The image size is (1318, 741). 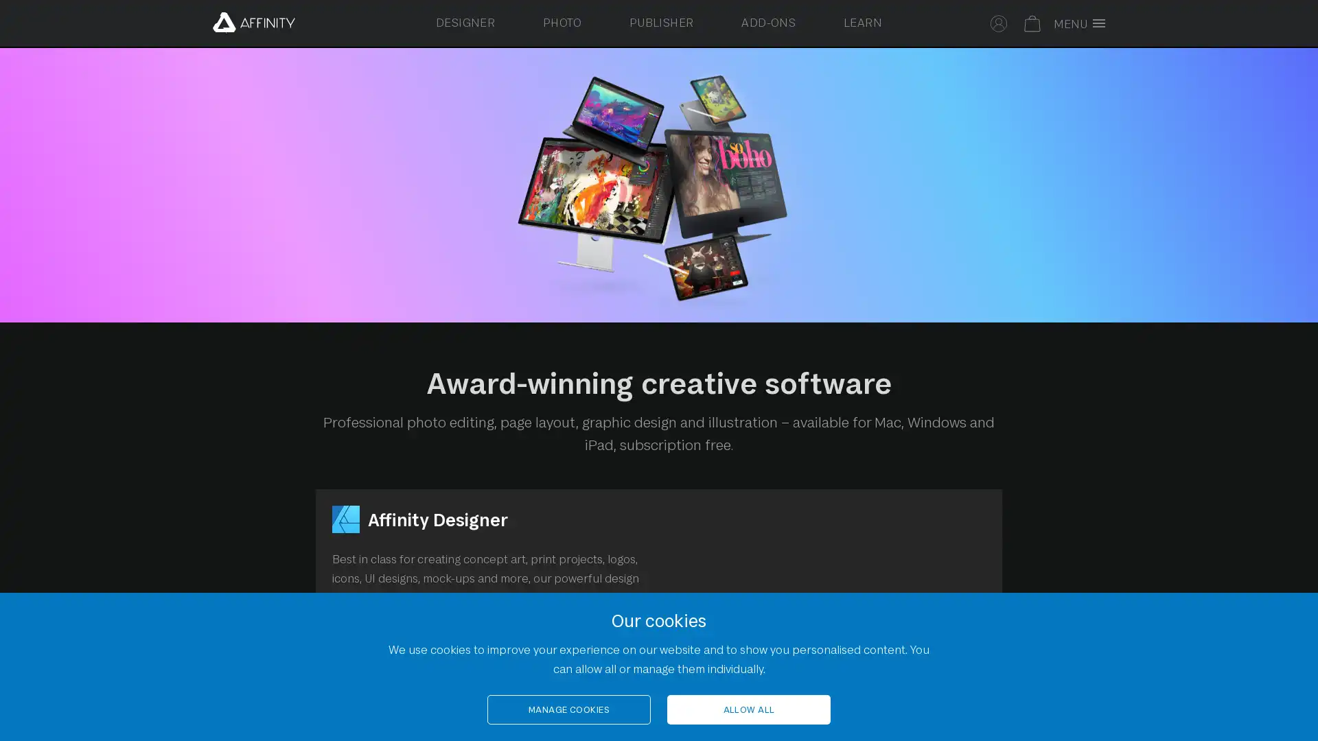 I want to click on Your basket is empty. Select to toggle basket., so click(x=1032, y=21).